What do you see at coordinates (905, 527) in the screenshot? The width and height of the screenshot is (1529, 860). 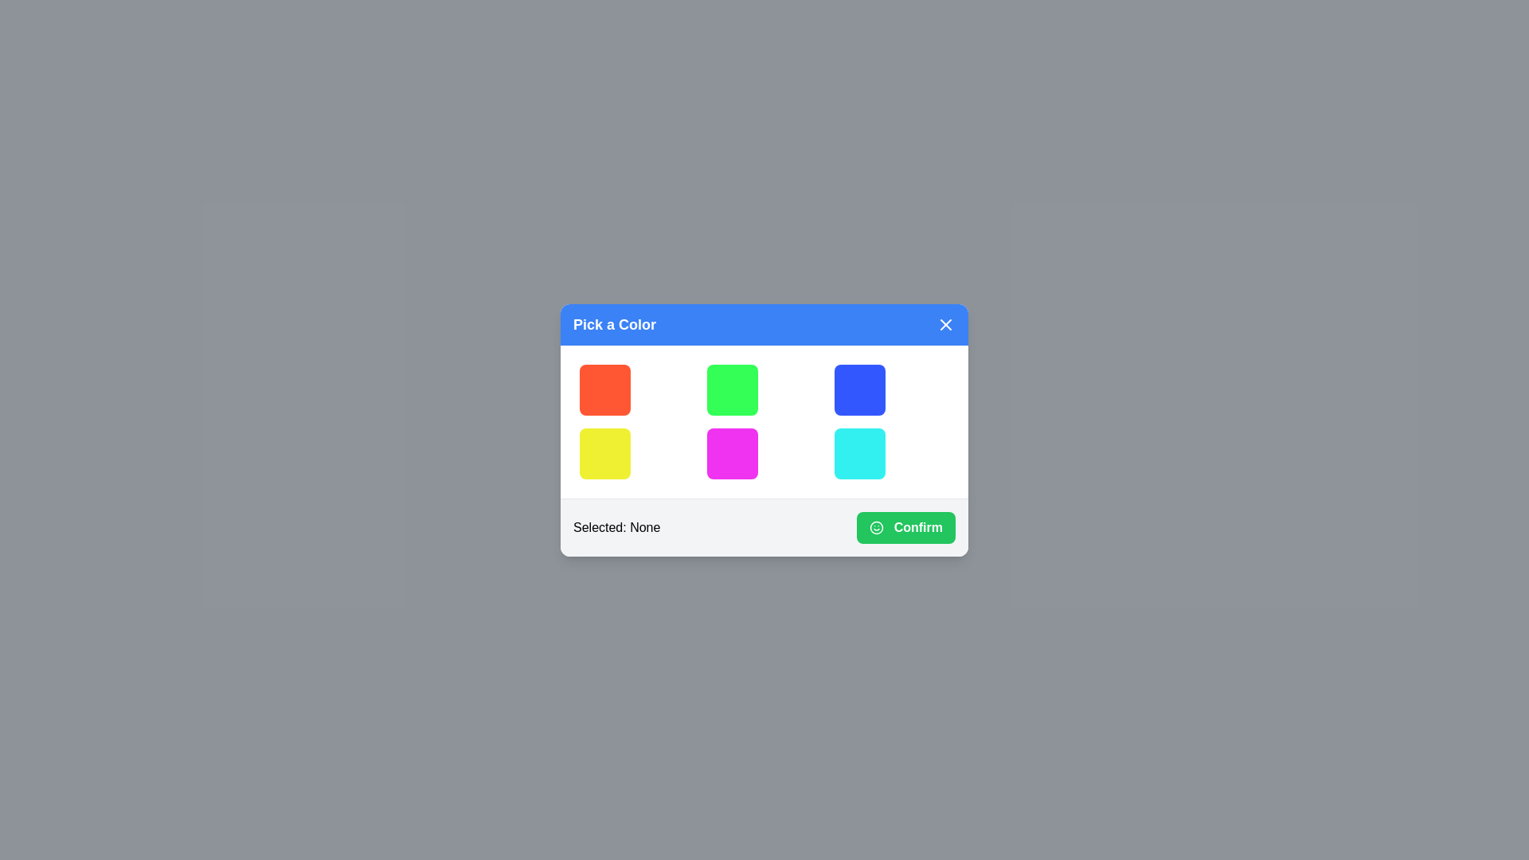 I see `Confirm button to confirm the selected color` at bounding box center [905, 527].